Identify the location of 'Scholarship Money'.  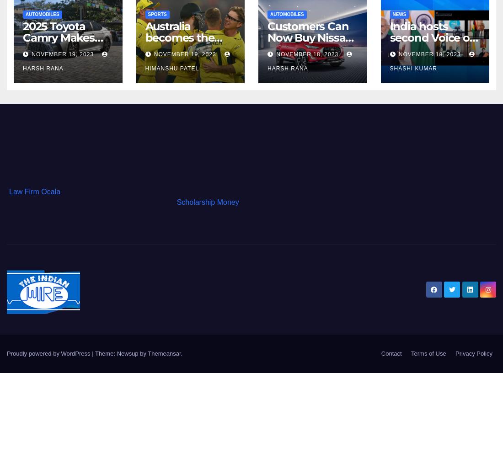
(207, 202).